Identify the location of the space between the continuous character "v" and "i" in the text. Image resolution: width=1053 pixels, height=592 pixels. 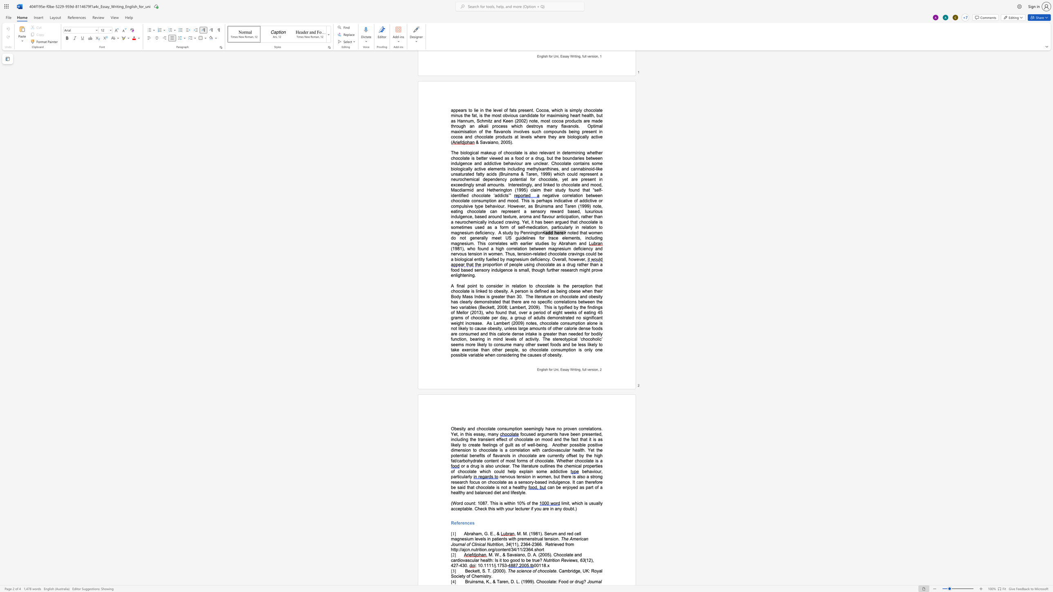
(568, 560).